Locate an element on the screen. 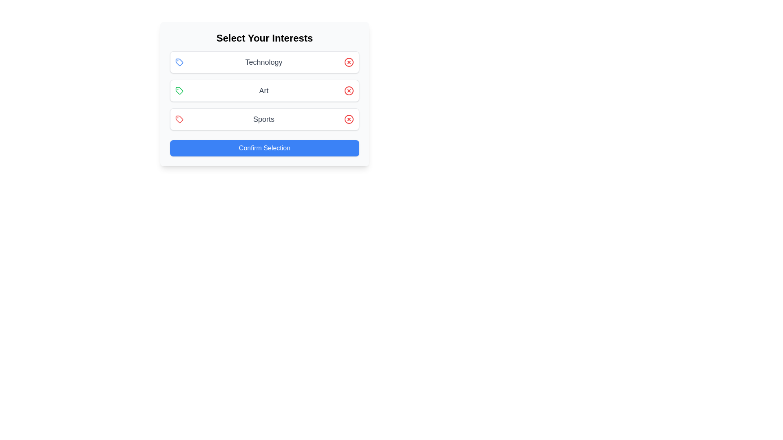 The width and height of the screenshot is (783, 440). the text 'Select Your Interests' to select it is located at coordinates (264, 38).